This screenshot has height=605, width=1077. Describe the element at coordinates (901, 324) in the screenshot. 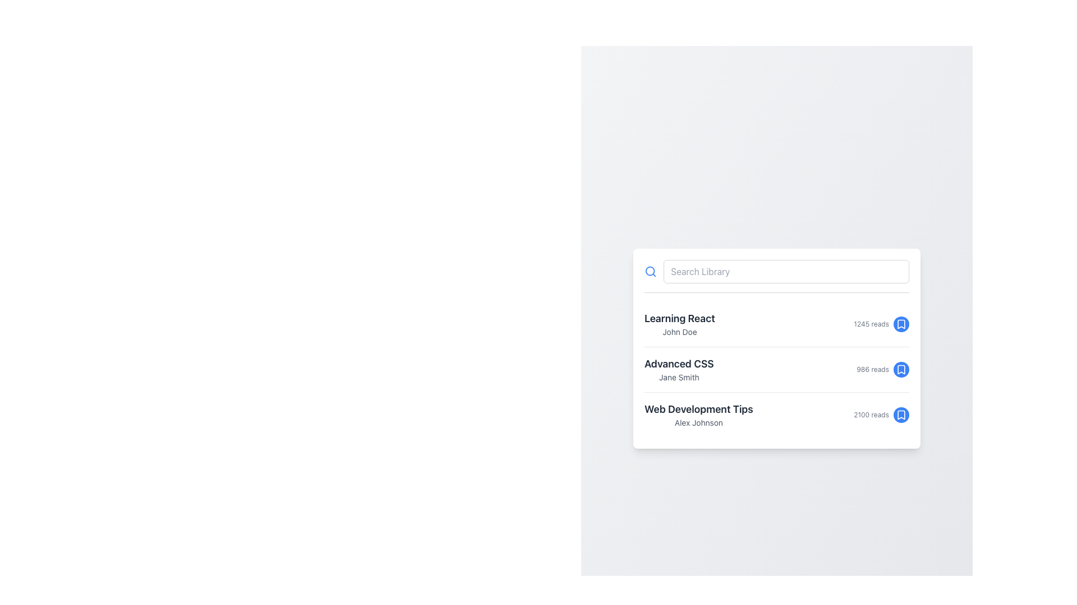

I see `the bookmark toggle button located to the right of the '1245 reads' text in the 'Learning React' entry` at that location.